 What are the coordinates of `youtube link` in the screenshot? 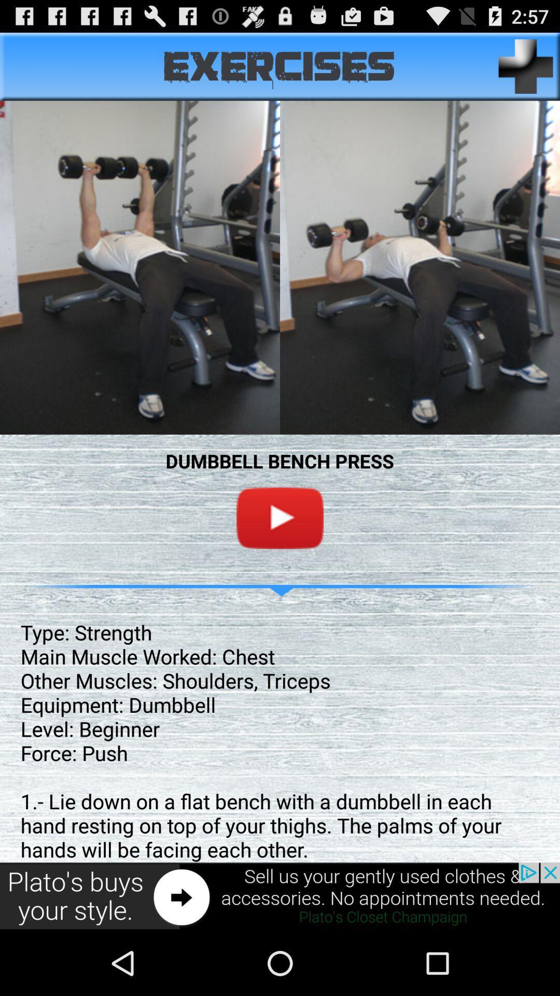 It's located at (280, 518).